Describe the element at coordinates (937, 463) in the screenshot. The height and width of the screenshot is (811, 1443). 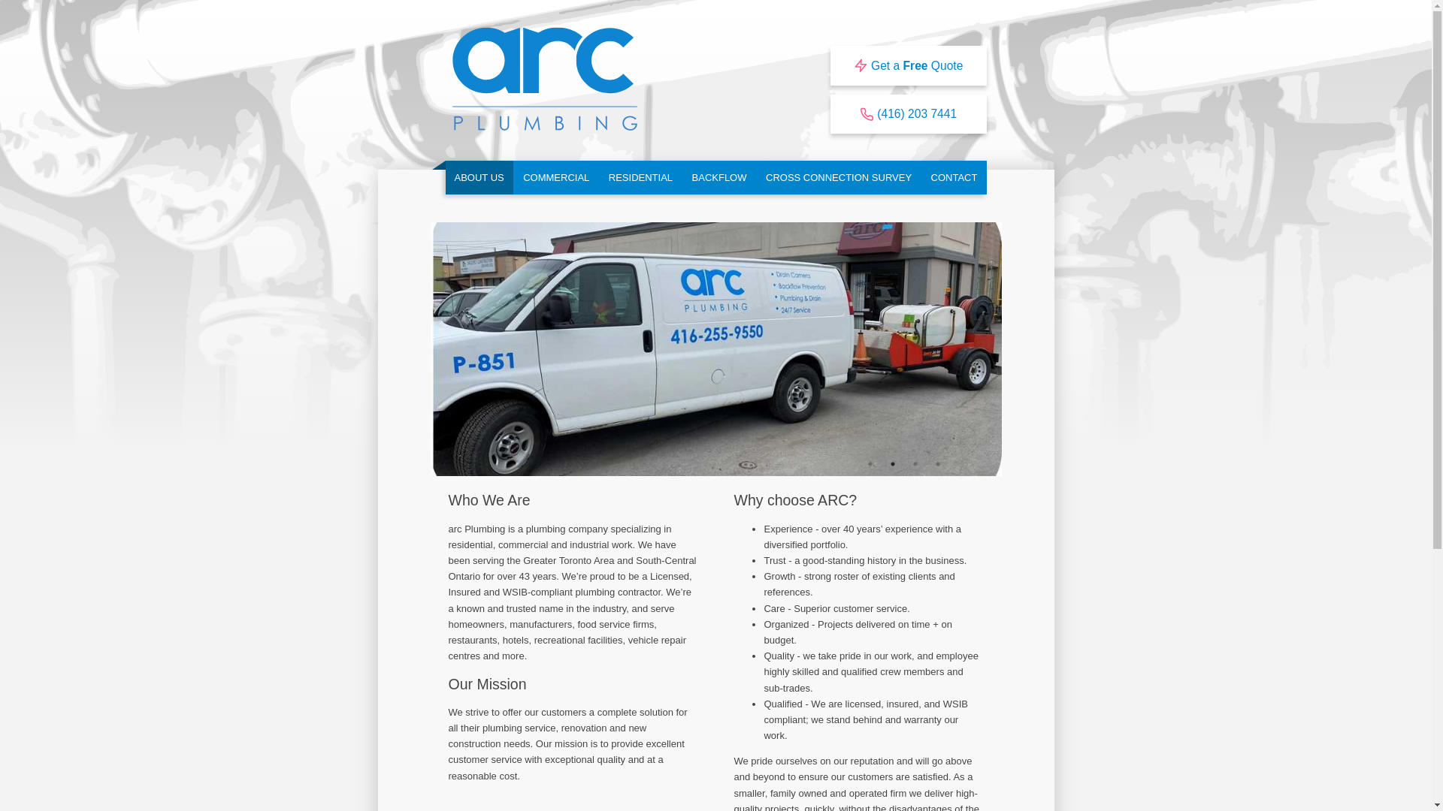
I see `'4'` at that location.